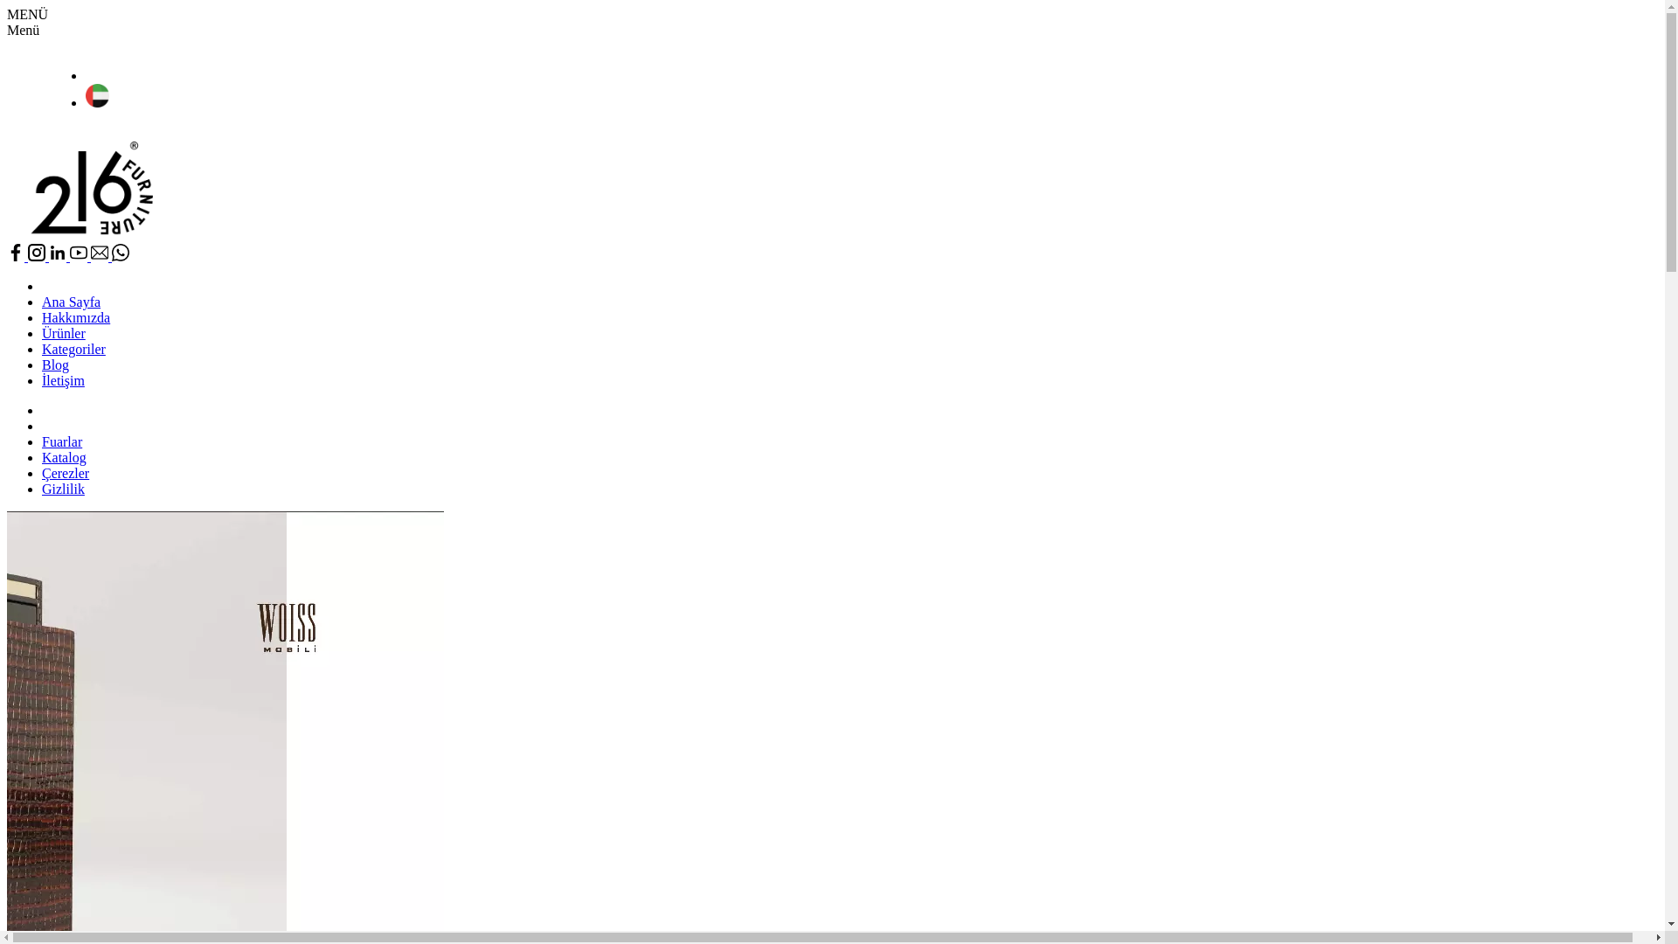  I want to click on 'Fuarlar', so click(62, 441).